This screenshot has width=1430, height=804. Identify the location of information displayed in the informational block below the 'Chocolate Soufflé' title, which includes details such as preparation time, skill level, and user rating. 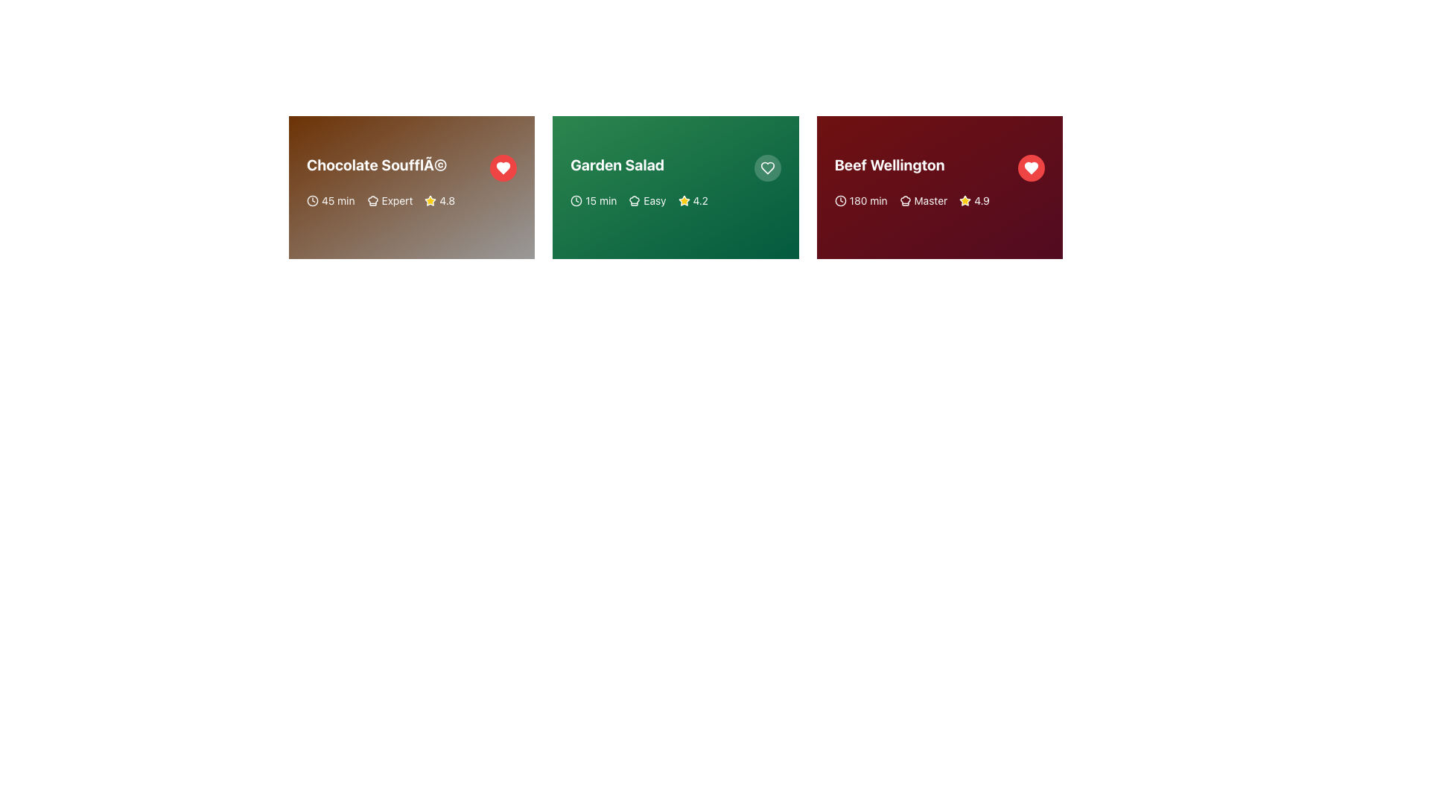
(412, 201).